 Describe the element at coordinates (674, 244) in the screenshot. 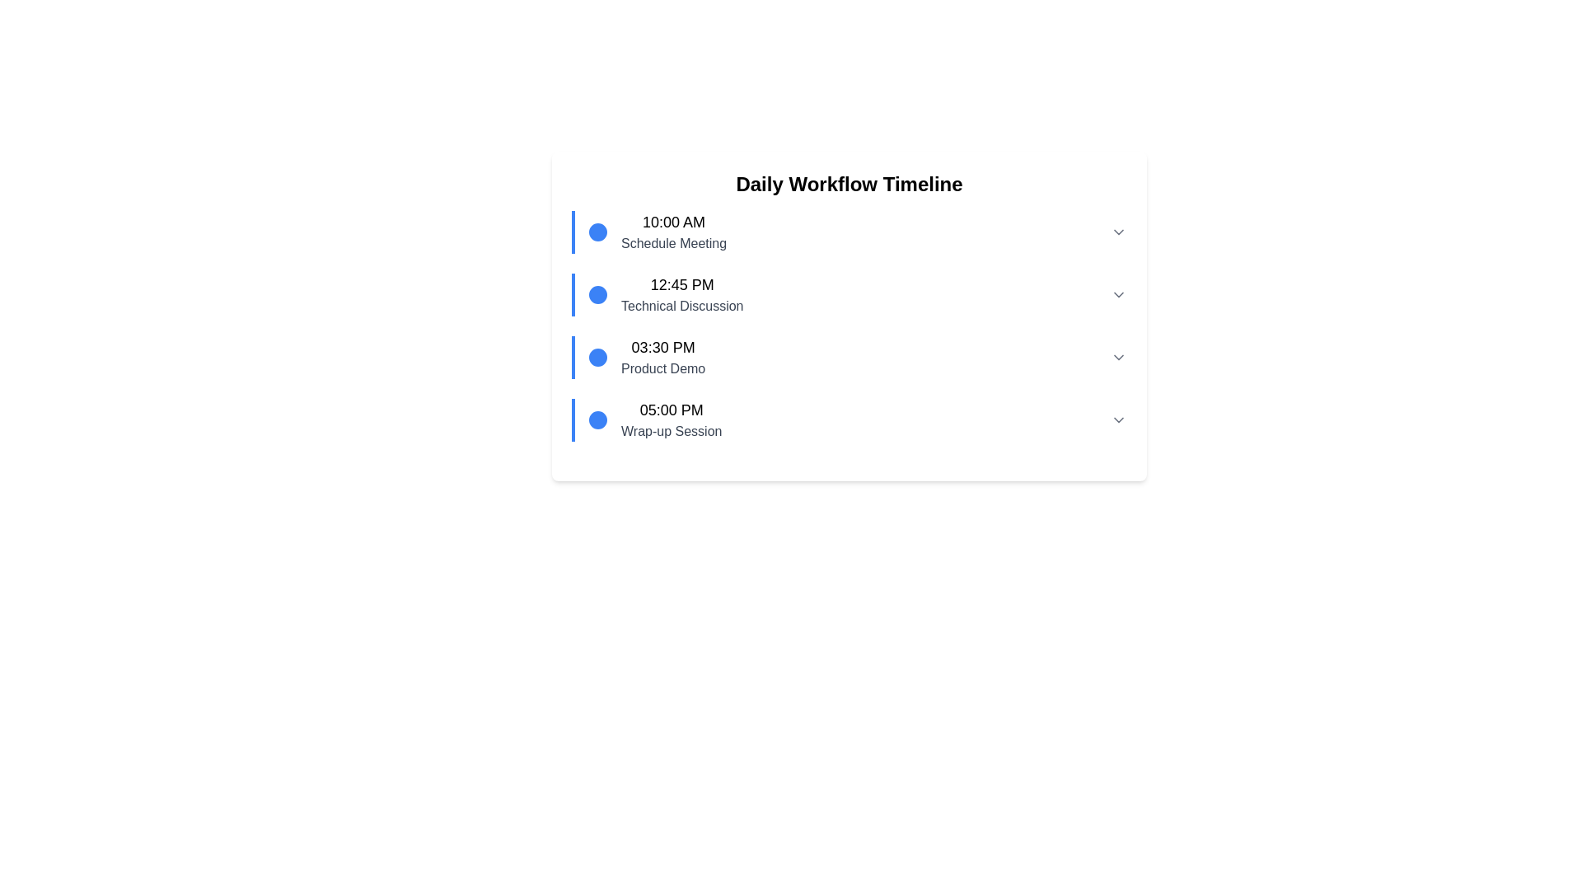

I see `text label displaying 'Schedule Meeting' located beneath the '10:00 AM' label in the timeline view` at that location.